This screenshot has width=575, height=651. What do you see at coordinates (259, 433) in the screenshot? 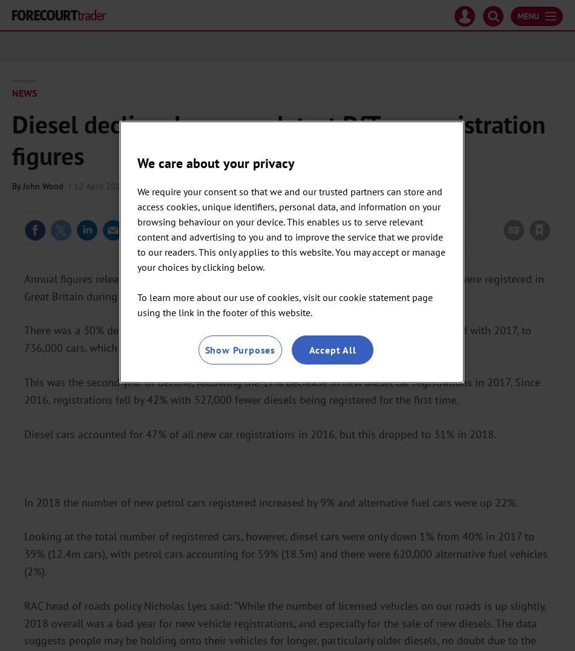
I see `'Diesel cars accounted for 47% of all new car registrations in 2016, but this dropped to 31% in 2018.'` at bounding box center [259, 433].